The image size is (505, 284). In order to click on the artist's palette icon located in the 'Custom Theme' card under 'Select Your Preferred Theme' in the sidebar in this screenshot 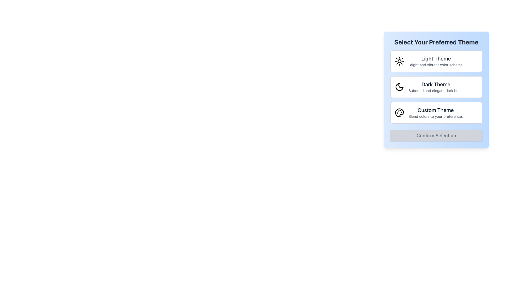, I will do `click(399, 112)`.